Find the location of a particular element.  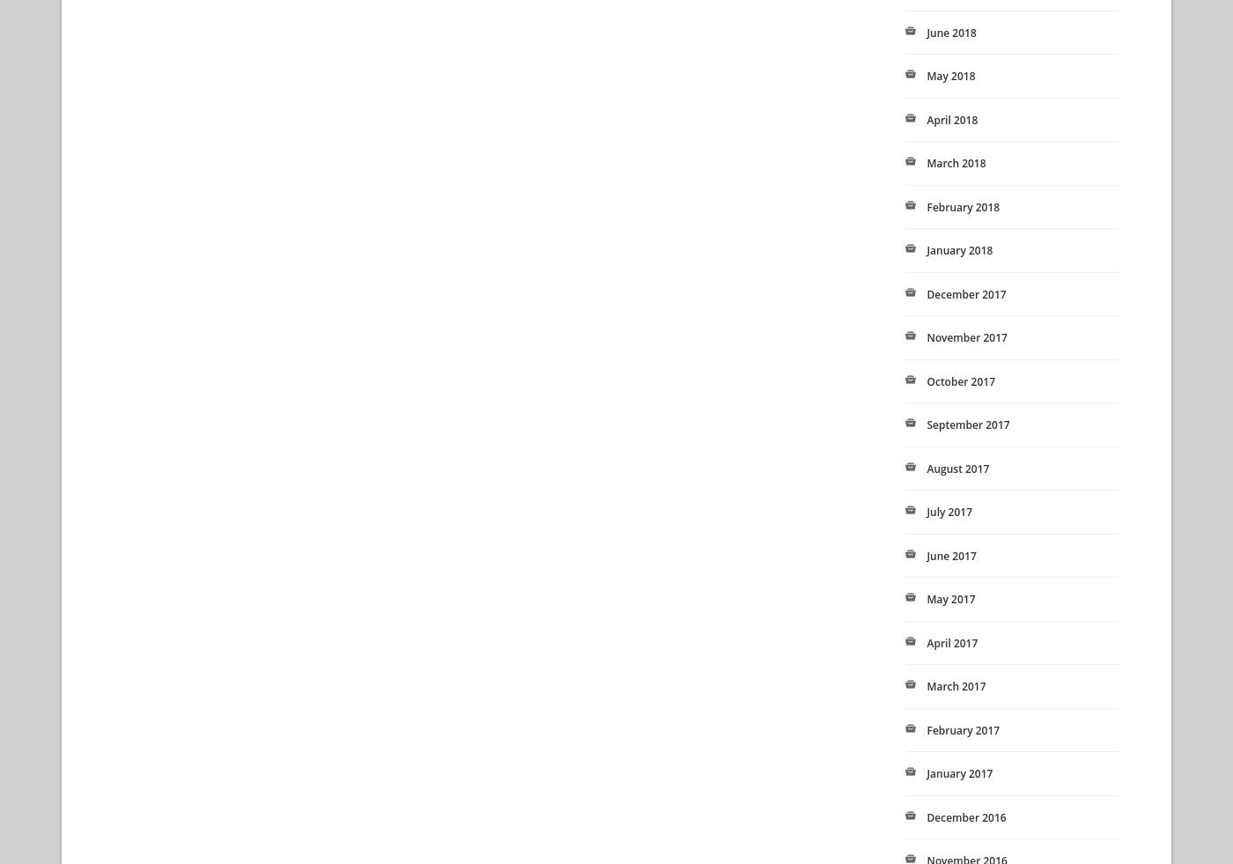

'March 2017' is located at coordinates (926, 686).